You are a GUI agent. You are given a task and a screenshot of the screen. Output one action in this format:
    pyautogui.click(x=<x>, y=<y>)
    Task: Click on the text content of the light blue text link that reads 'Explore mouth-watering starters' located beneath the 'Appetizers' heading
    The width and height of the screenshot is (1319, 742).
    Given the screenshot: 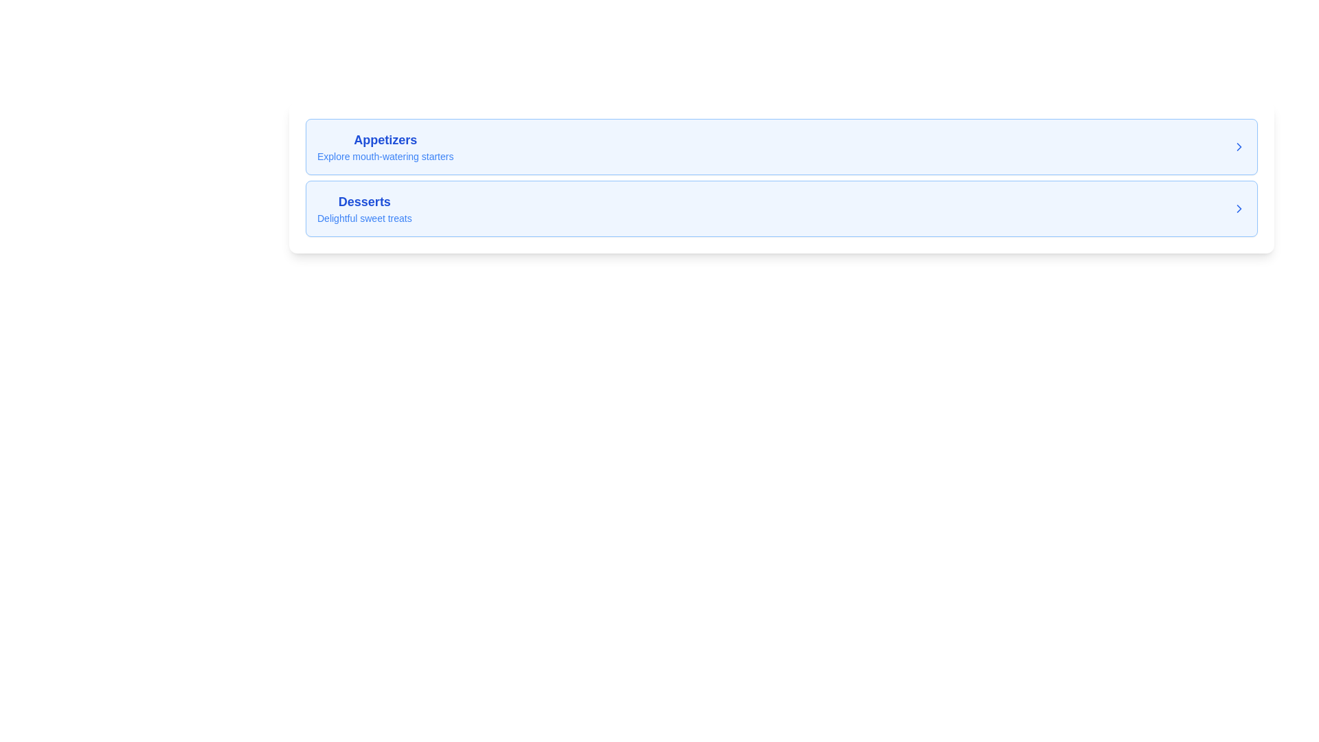 What is the action you would take?
    pyautogui.click(x=385, y=155)
    